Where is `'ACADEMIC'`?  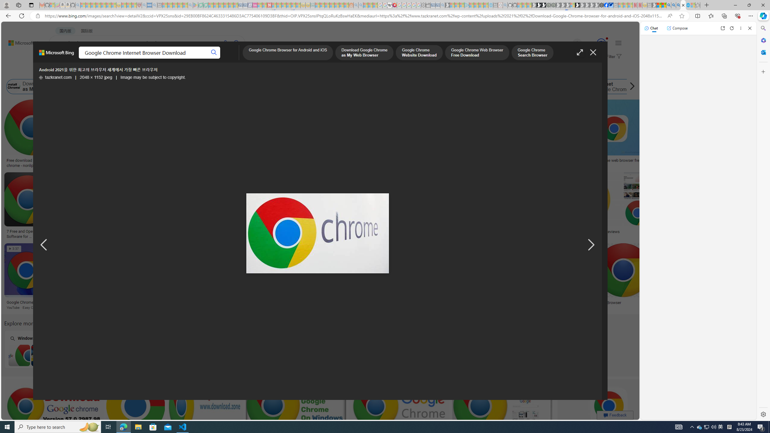 'ACADEMIC' is located at coordinates (190, 59).